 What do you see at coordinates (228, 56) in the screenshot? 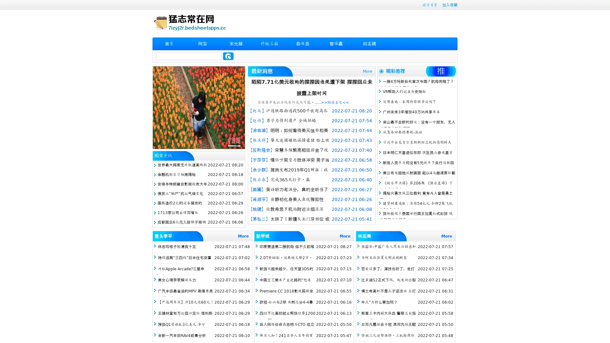
I see `Search` at bounding box center [228, 56].